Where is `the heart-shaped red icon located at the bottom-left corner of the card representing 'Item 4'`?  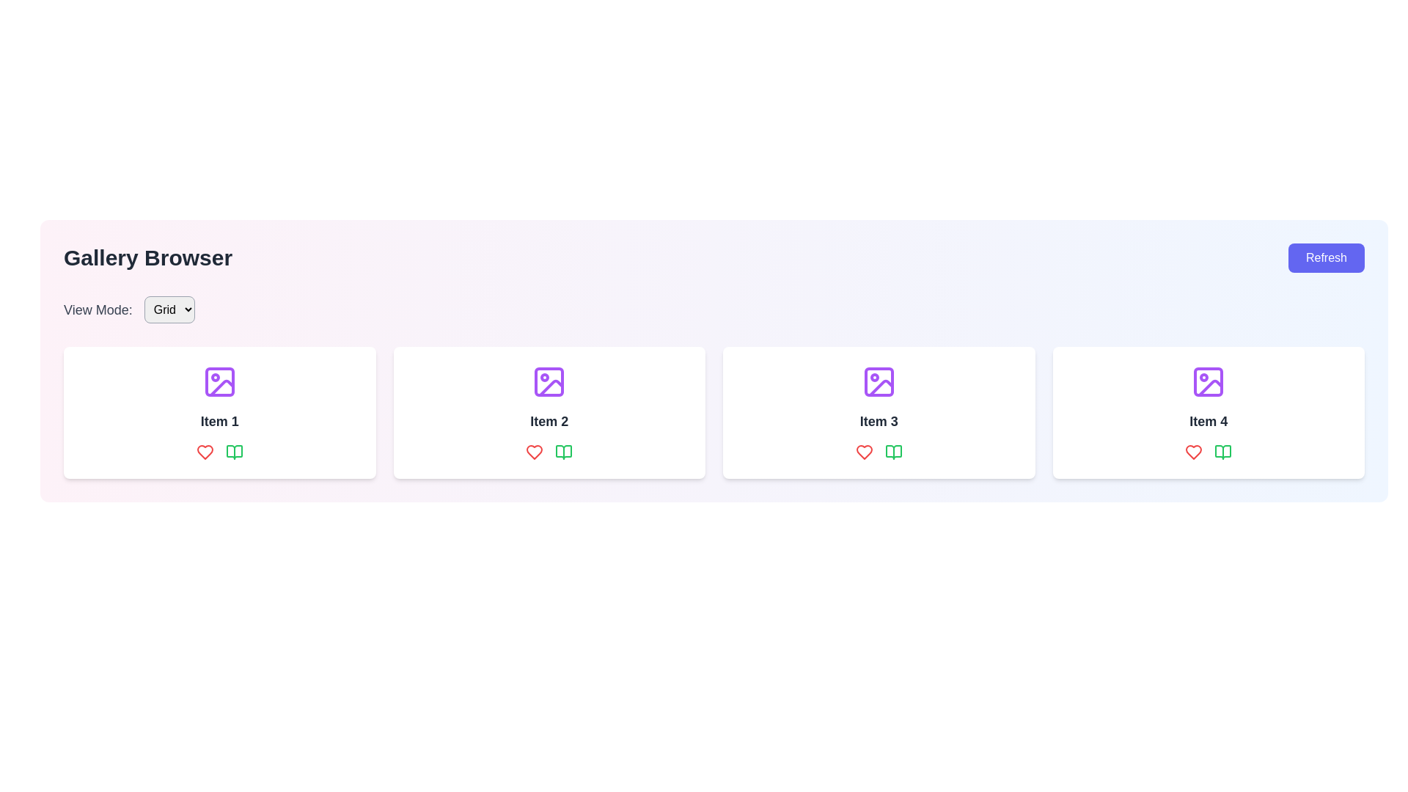
the heart-shaped red icon located at the bottom-left corner of the card representing 'Item 4' is located at coordinates (1194, 452).